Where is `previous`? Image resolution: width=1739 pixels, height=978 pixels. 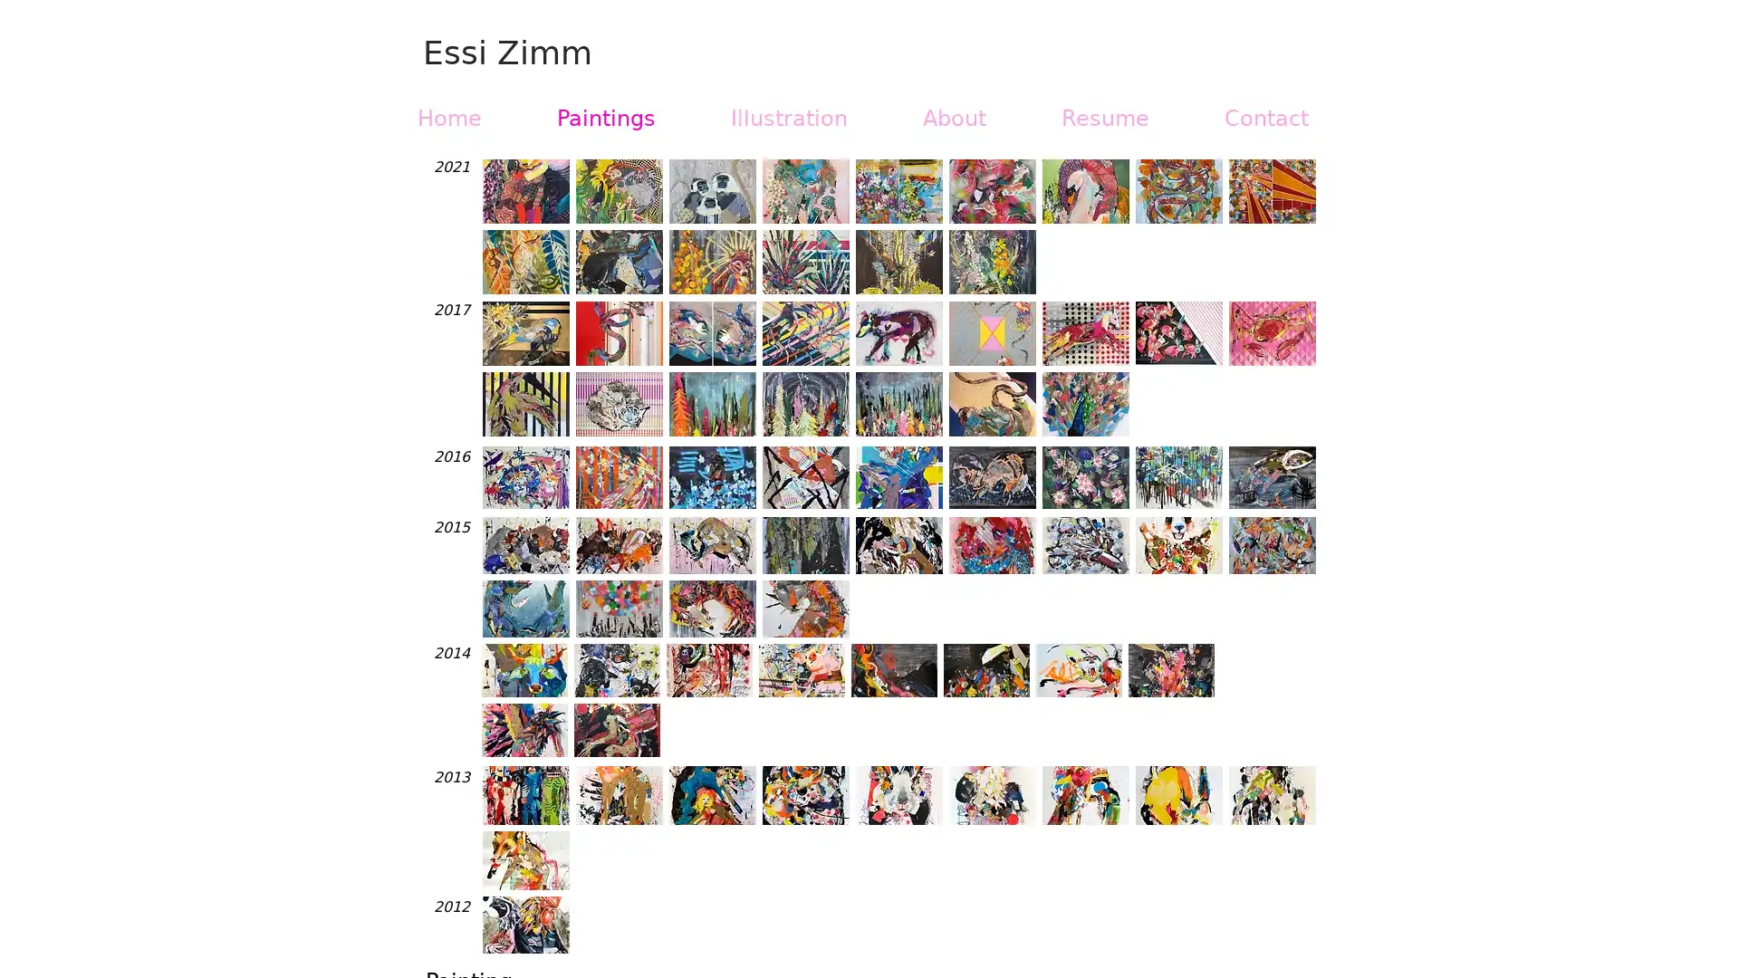 previous is located at coordinates (520, 241).